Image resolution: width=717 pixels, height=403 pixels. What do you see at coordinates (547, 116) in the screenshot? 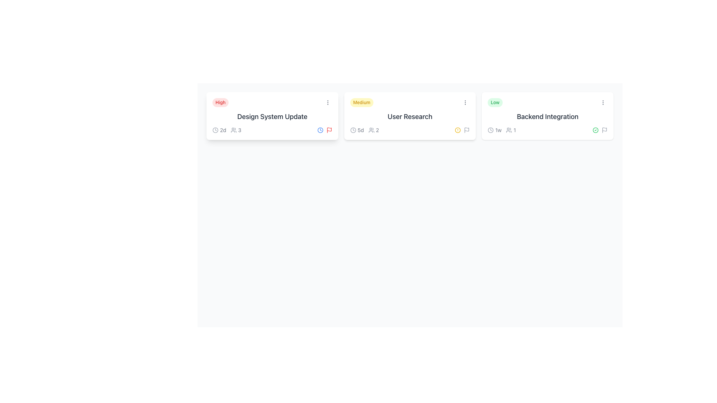
I see `text content from the information display component that conveys details about the task titled 'Backend Integration', located as the third card in the row` at bounding box center [547, 116].